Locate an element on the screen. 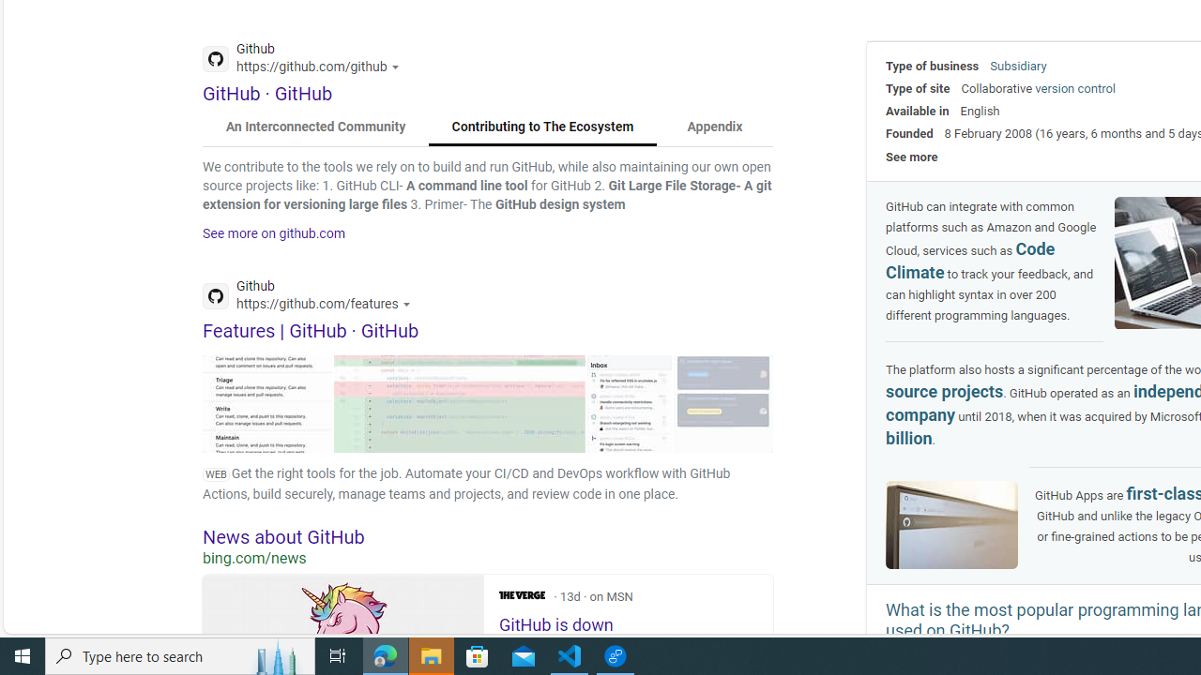 The width and height of the screenshot is (1201, 675). 'An Interconnected Community' is located at coordinates (316, 127).